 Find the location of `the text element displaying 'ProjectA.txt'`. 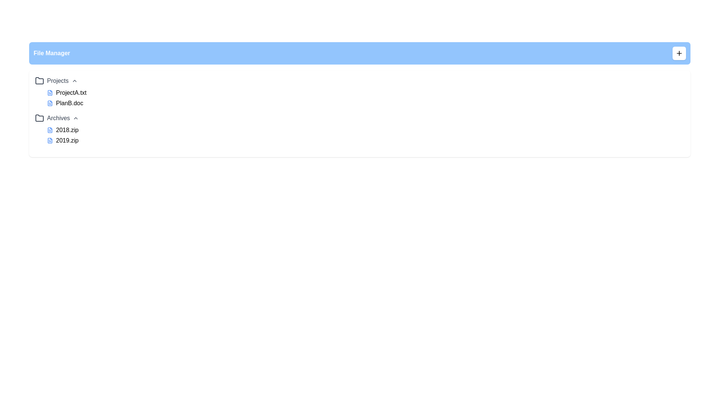

the text element displaying 'ProjectA.txt' is located at coordinates (71, 93).